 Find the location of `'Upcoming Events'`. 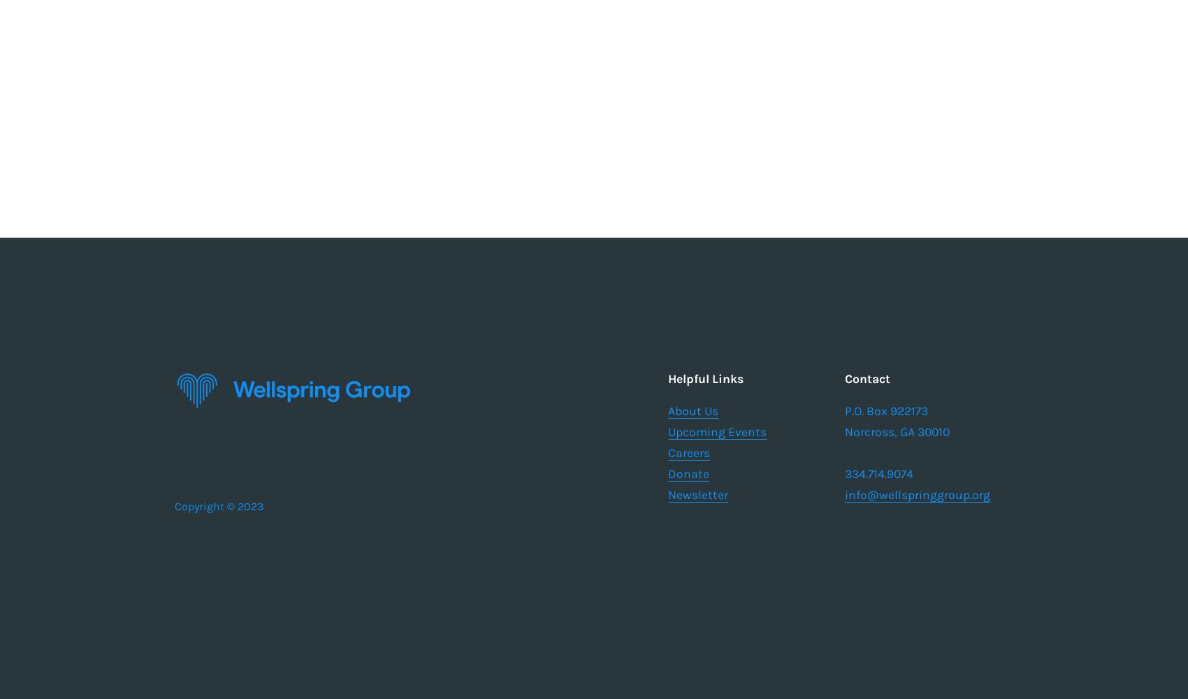

'Upcoming Events' is located at coordinates (716, 431).